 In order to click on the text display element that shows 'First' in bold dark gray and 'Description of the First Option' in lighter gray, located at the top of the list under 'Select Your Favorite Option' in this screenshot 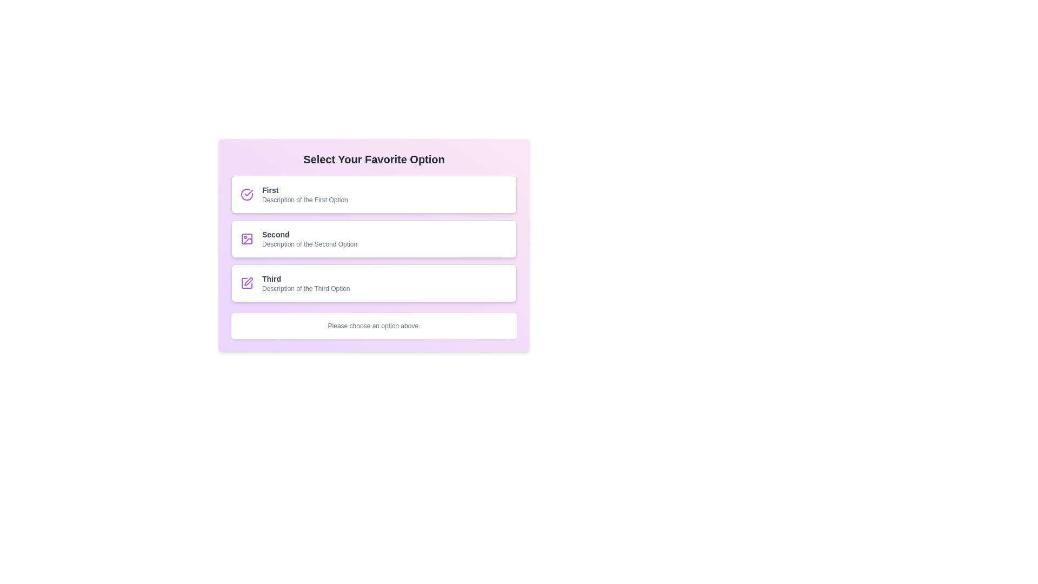, I will do `click(304, 194)`.